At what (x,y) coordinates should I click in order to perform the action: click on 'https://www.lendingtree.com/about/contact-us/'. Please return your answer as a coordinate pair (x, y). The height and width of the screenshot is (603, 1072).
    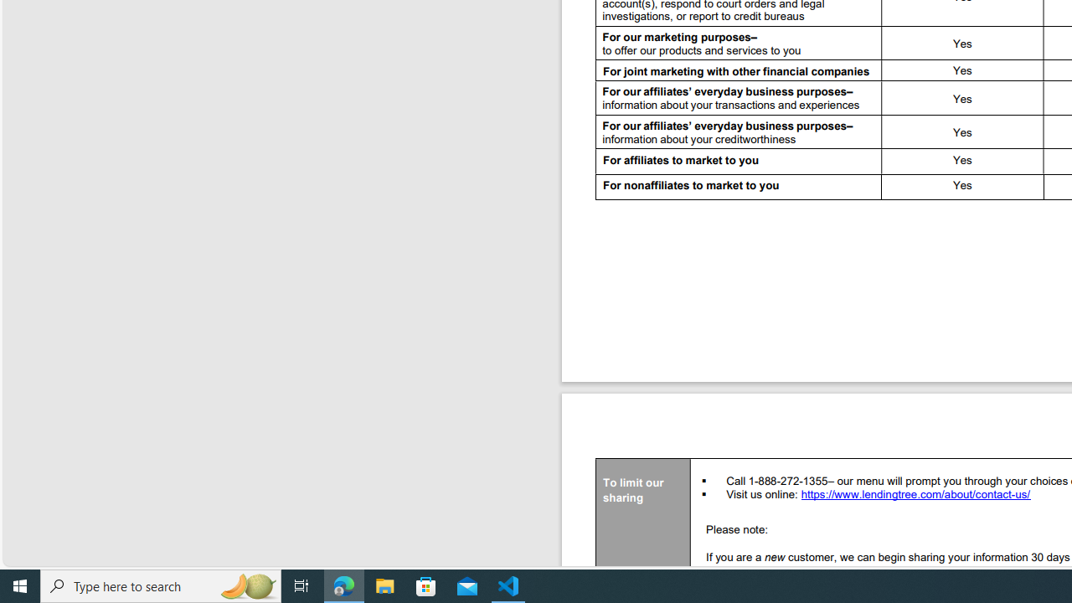
    Looking at the image, I should click on (915, 494).